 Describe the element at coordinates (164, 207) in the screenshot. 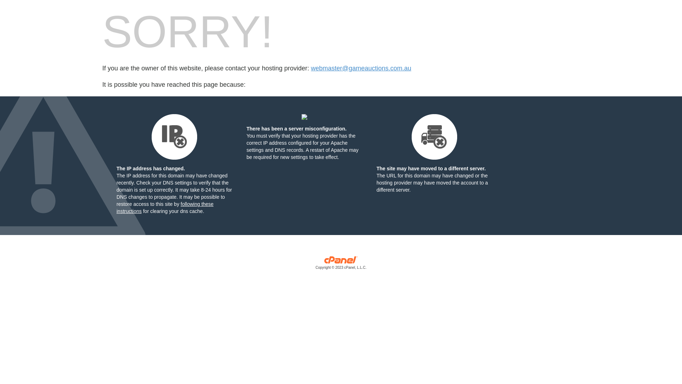

I see `'following these instructions'` at that location.